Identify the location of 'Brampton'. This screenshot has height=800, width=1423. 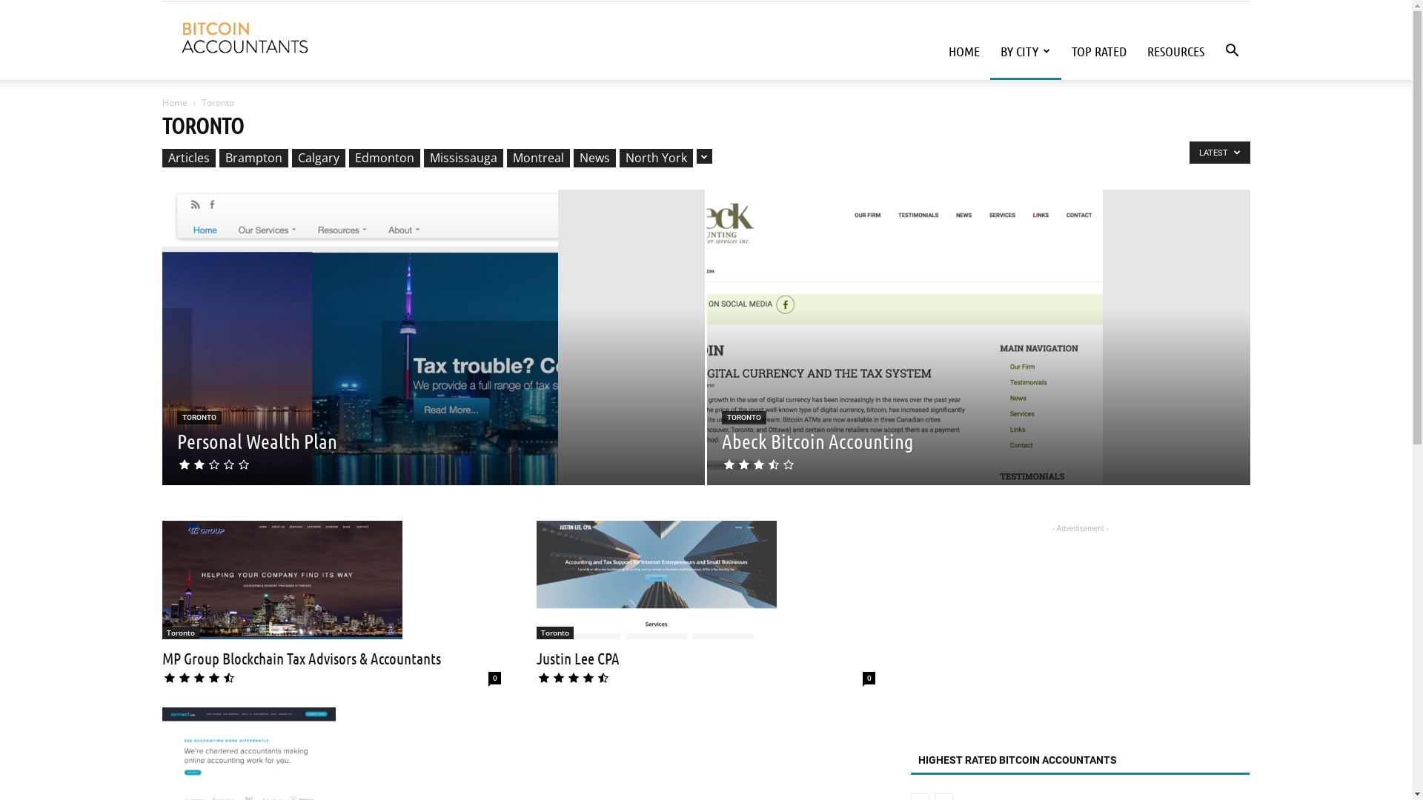
(219, 158).